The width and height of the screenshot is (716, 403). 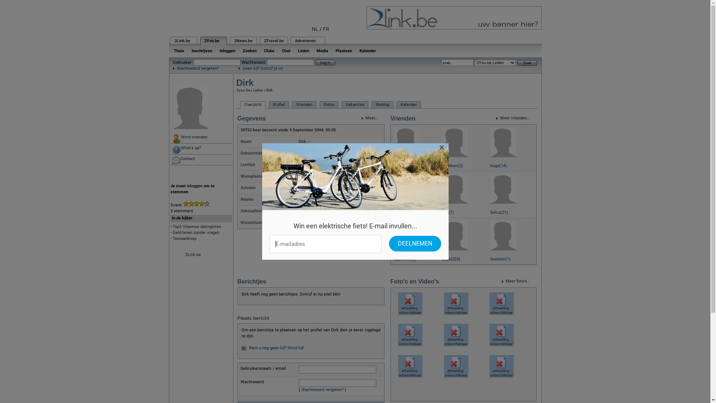 I want to click on 'Meer vrienden..', so click(x=515, y=118).